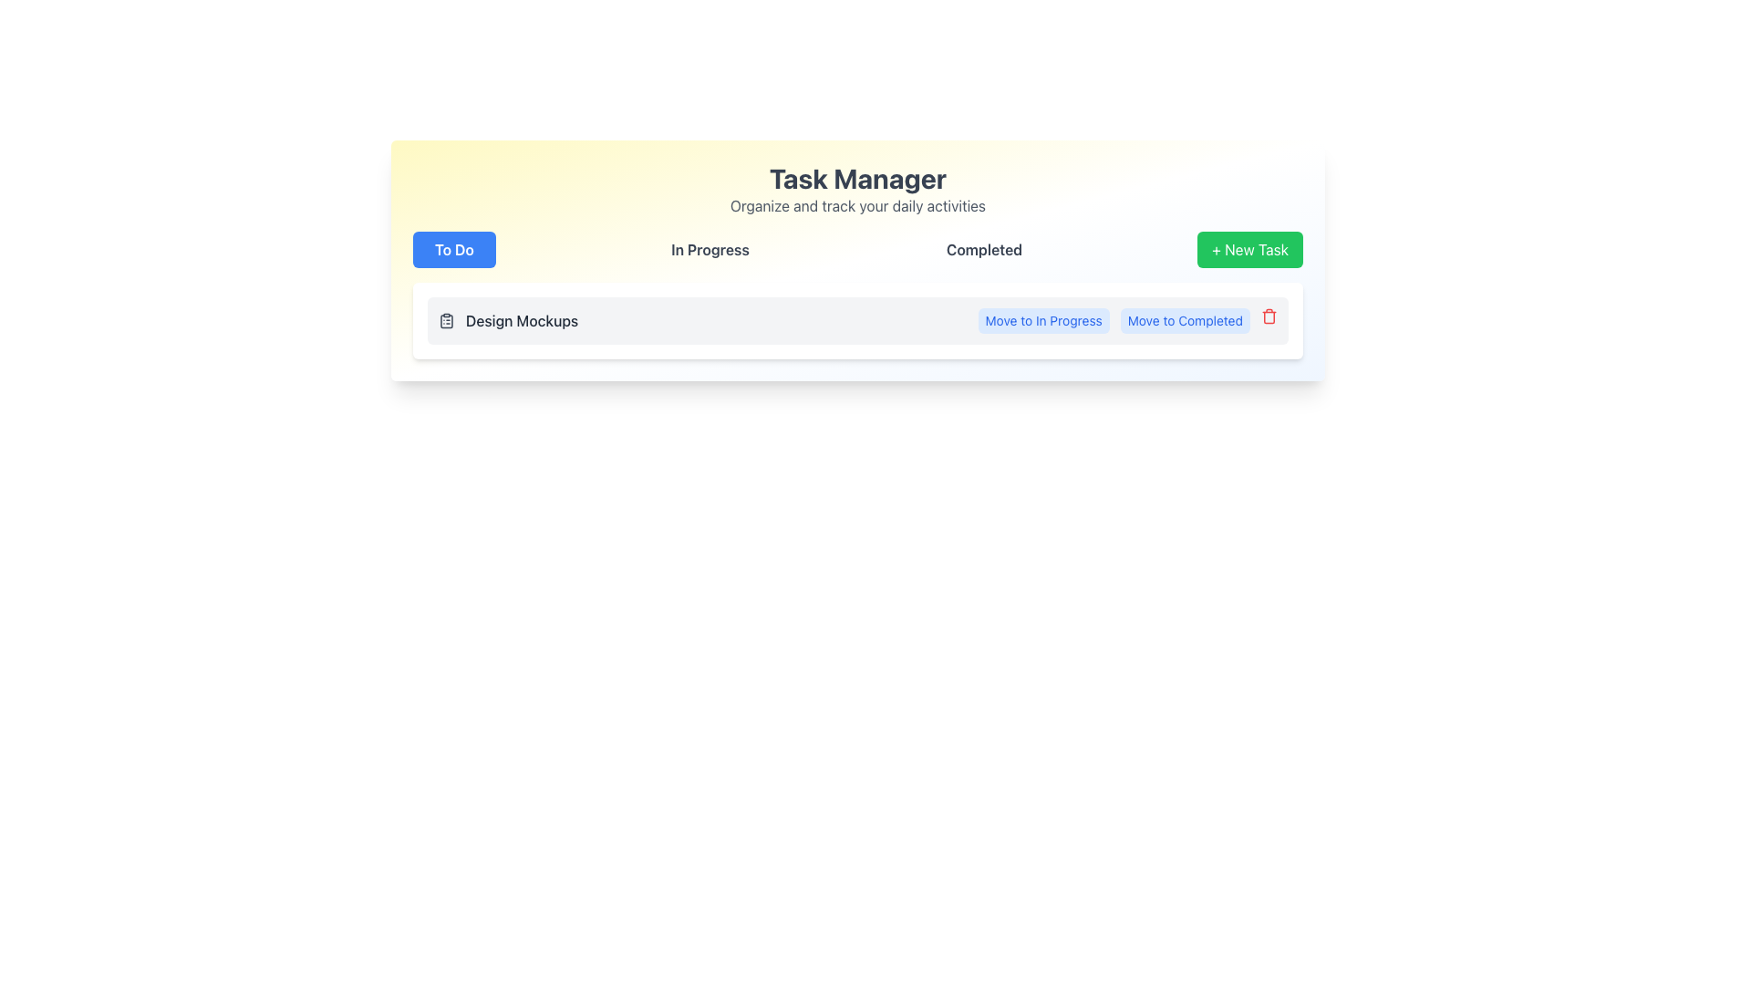  What do you see at coordinates (856, 179) in the screenshot?
I see `main title heading of the task management tool, positioned centrally above the text 'Organize and track your daily activities'` at bounding box center [856, 179].